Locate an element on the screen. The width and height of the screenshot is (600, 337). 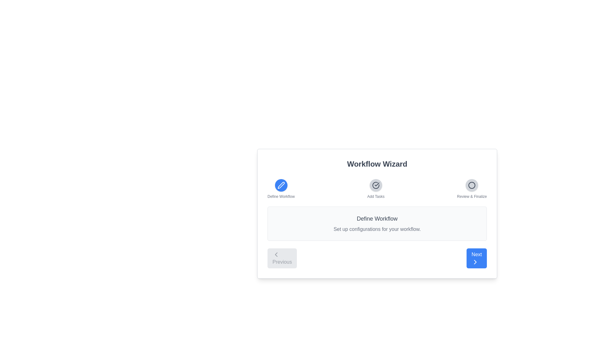
the blue circular icon with a white pen at its center, labeled 'Define Workflow', to identify the associated workflow step is located at coordinates (281, 188).